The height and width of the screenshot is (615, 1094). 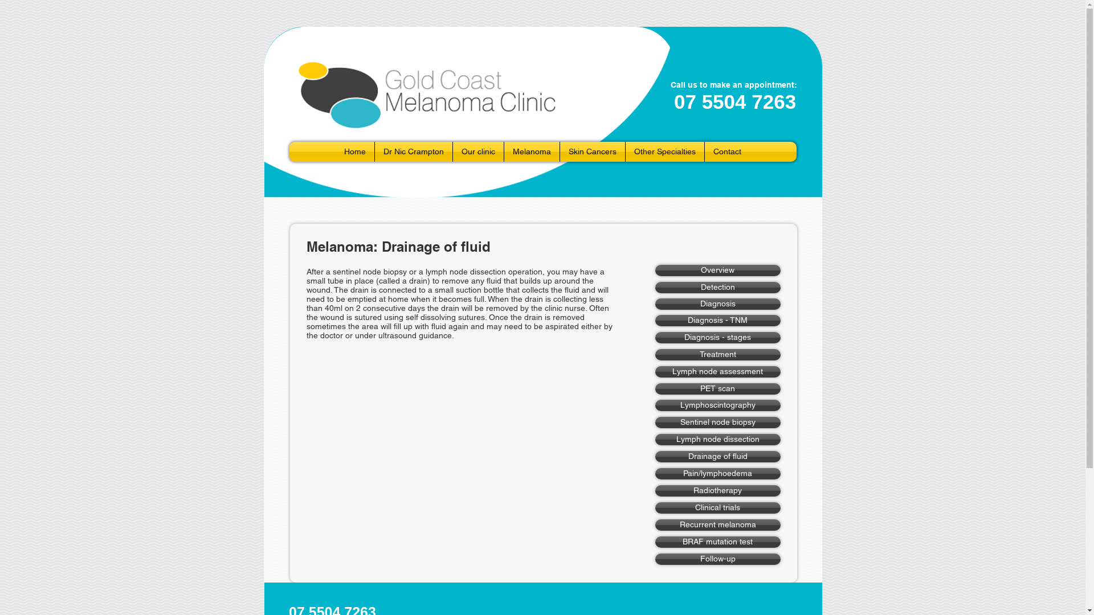 What do you see at coordinates (717, 287) in the screenshot?
I see `'Detection'` at bounding box center [717, 287].